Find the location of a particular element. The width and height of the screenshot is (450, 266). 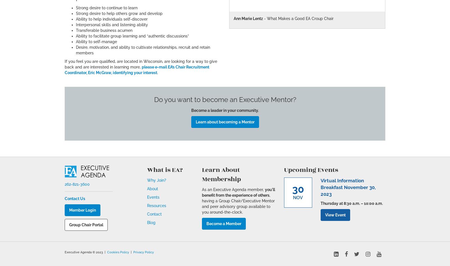

'Member Login' is located at coordinates (82, 210).